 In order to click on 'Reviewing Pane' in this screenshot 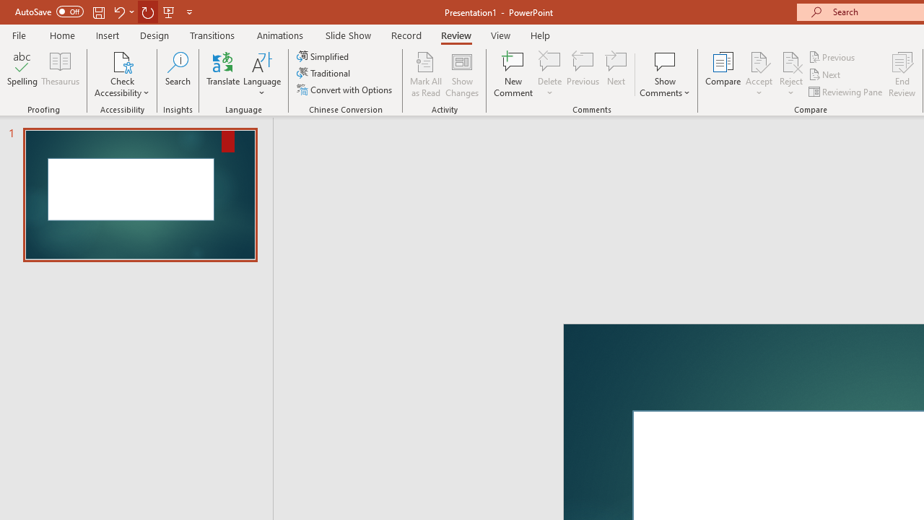, I will do `click(847, 92)`.